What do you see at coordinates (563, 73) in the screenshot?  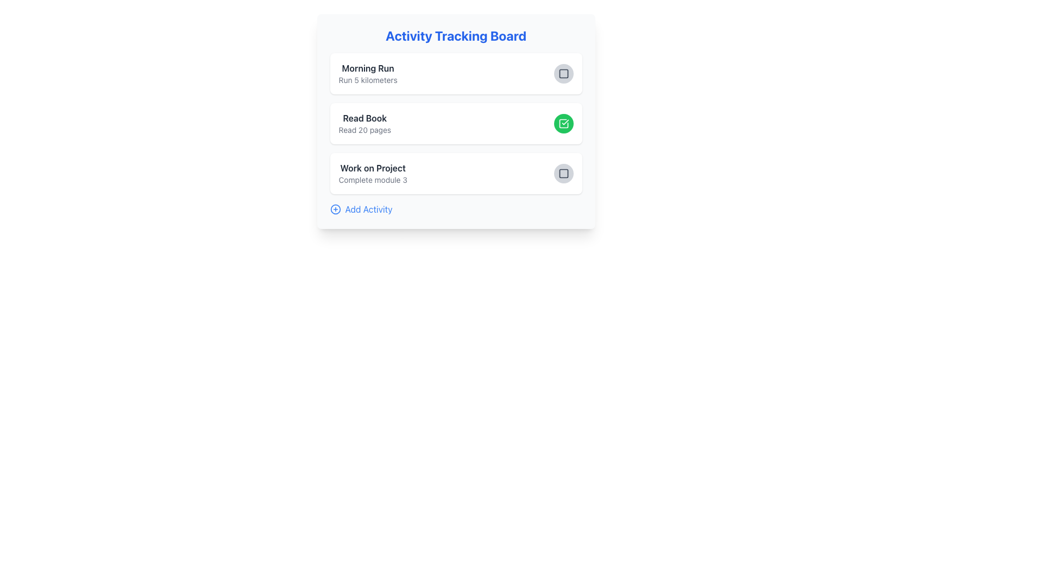 I see `the red status icon at the far-right of the 'Morning Run' row` at bounding box center [563, 73].